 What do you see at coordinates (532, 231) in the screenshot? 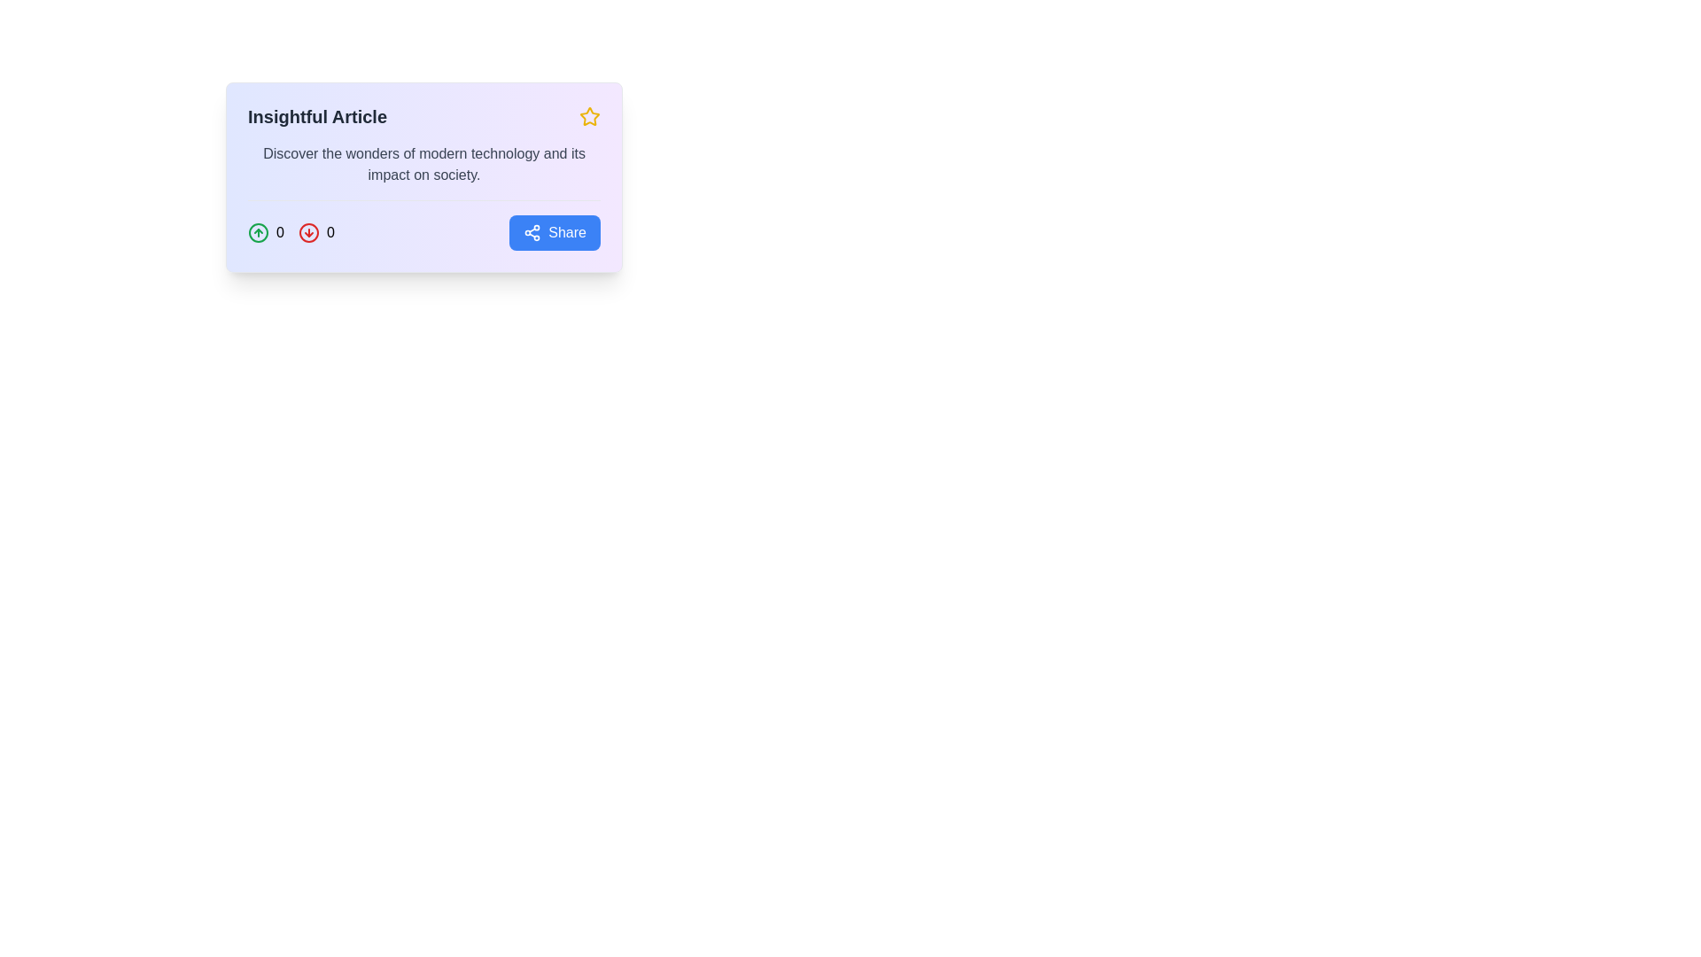
I see `the sharing icon located within the blue 'Share' button at the bottom-right corner to initiate the sharing process` at bounding box center [532, 231].